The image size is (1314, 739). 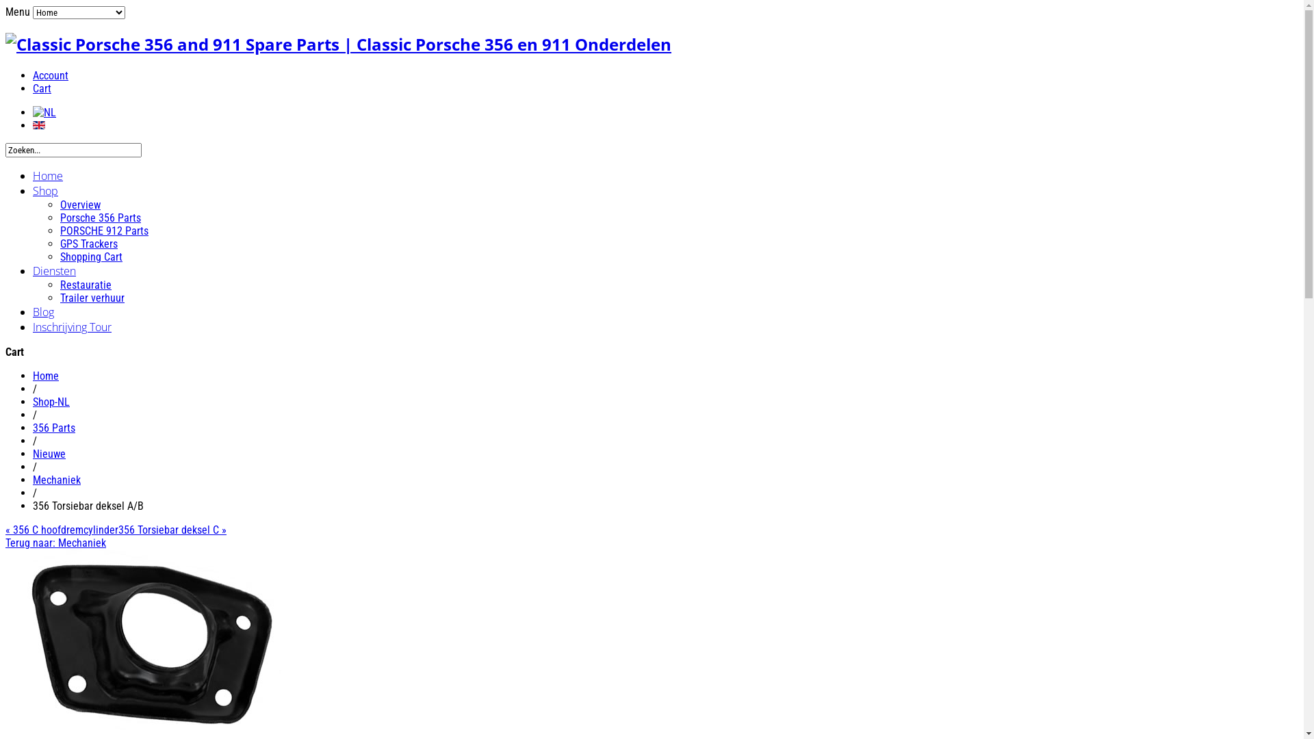 I want to click on 'PORSCHE 912 Parts', so click(x=59, y=230).